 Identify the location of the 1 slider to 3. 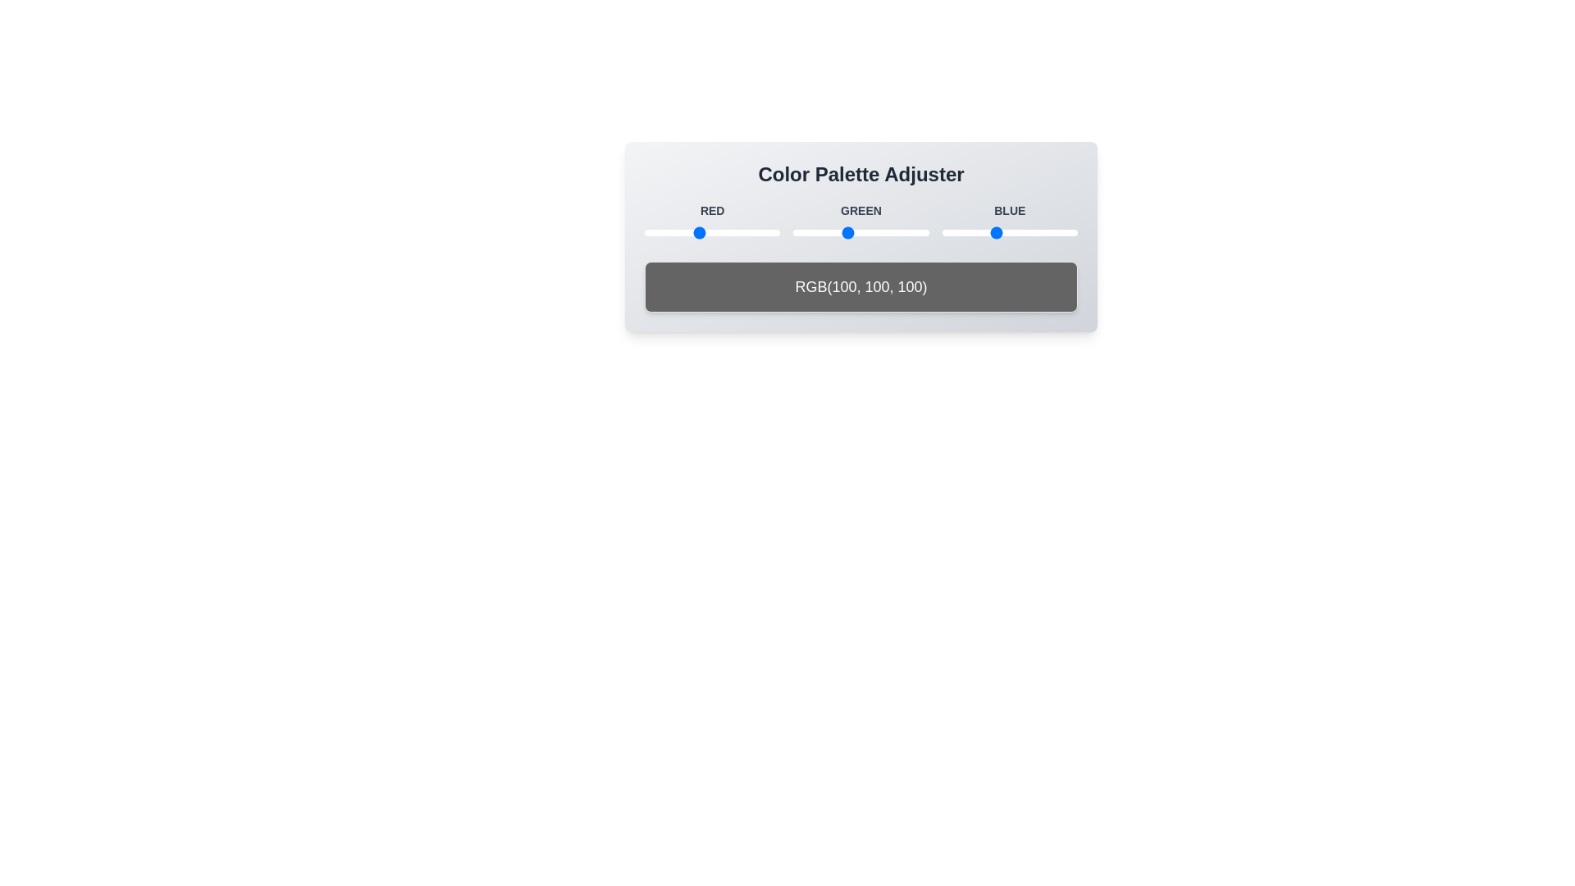
(645, 233).